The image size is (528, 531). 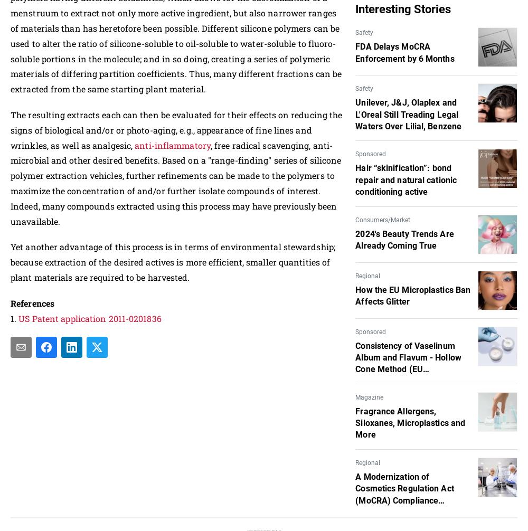 What do you see at coordinates (410, 422) in the screenshot?
I see `'Fragrance Allergens, Siloxanes, Microplastics and More'` at bounding box center [410, 422].